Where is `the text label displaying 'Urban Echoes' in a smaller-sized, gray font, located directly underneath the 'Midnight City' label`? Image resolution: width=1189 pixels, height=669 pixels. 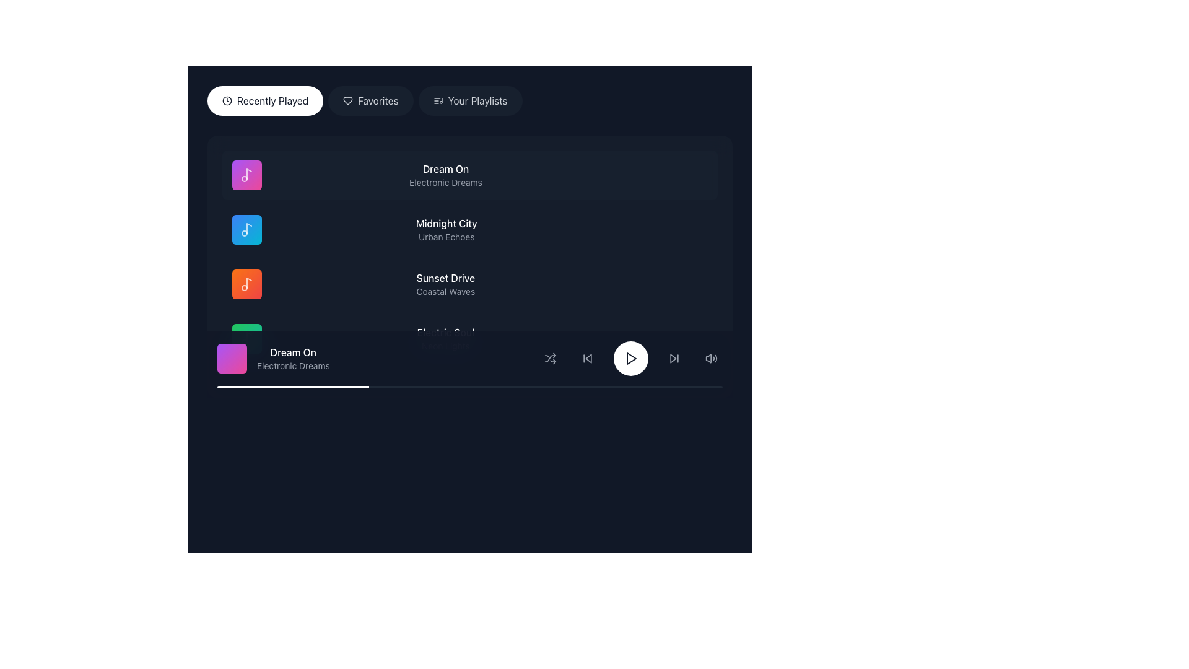 the text label displaying 'Urban Echoes' in a smaller-sized, gray font, located directly underneath the 'Midnight City' label is located at coordinates (446, 237).